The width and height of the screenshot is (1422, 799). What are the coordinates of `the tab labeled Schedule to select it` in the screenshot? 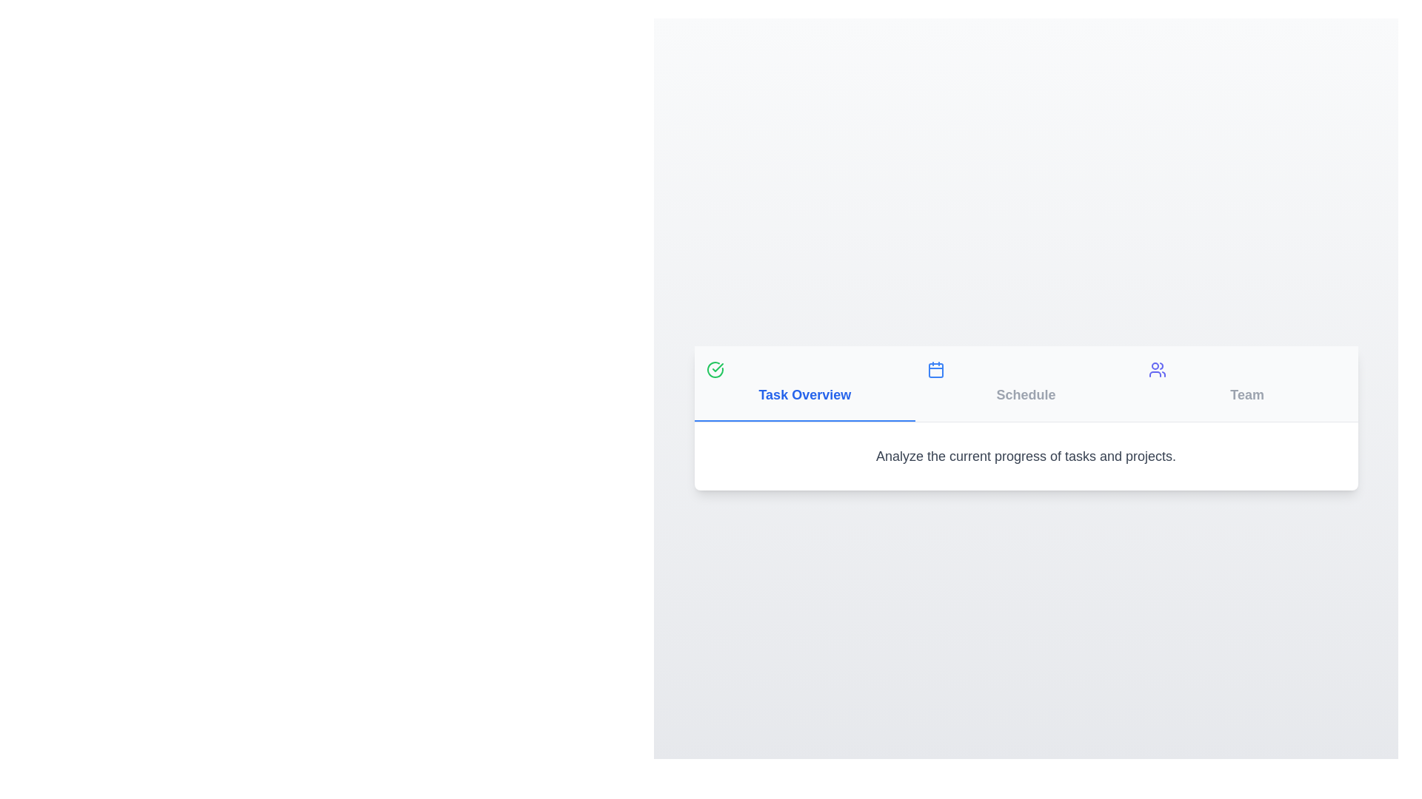 It's located at (1025, 382).